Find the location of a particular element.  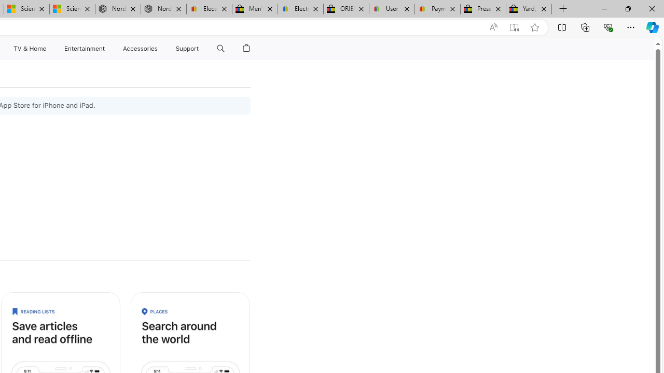

'User Privacy Notice | eBay' is located at coordinates (391, 9).